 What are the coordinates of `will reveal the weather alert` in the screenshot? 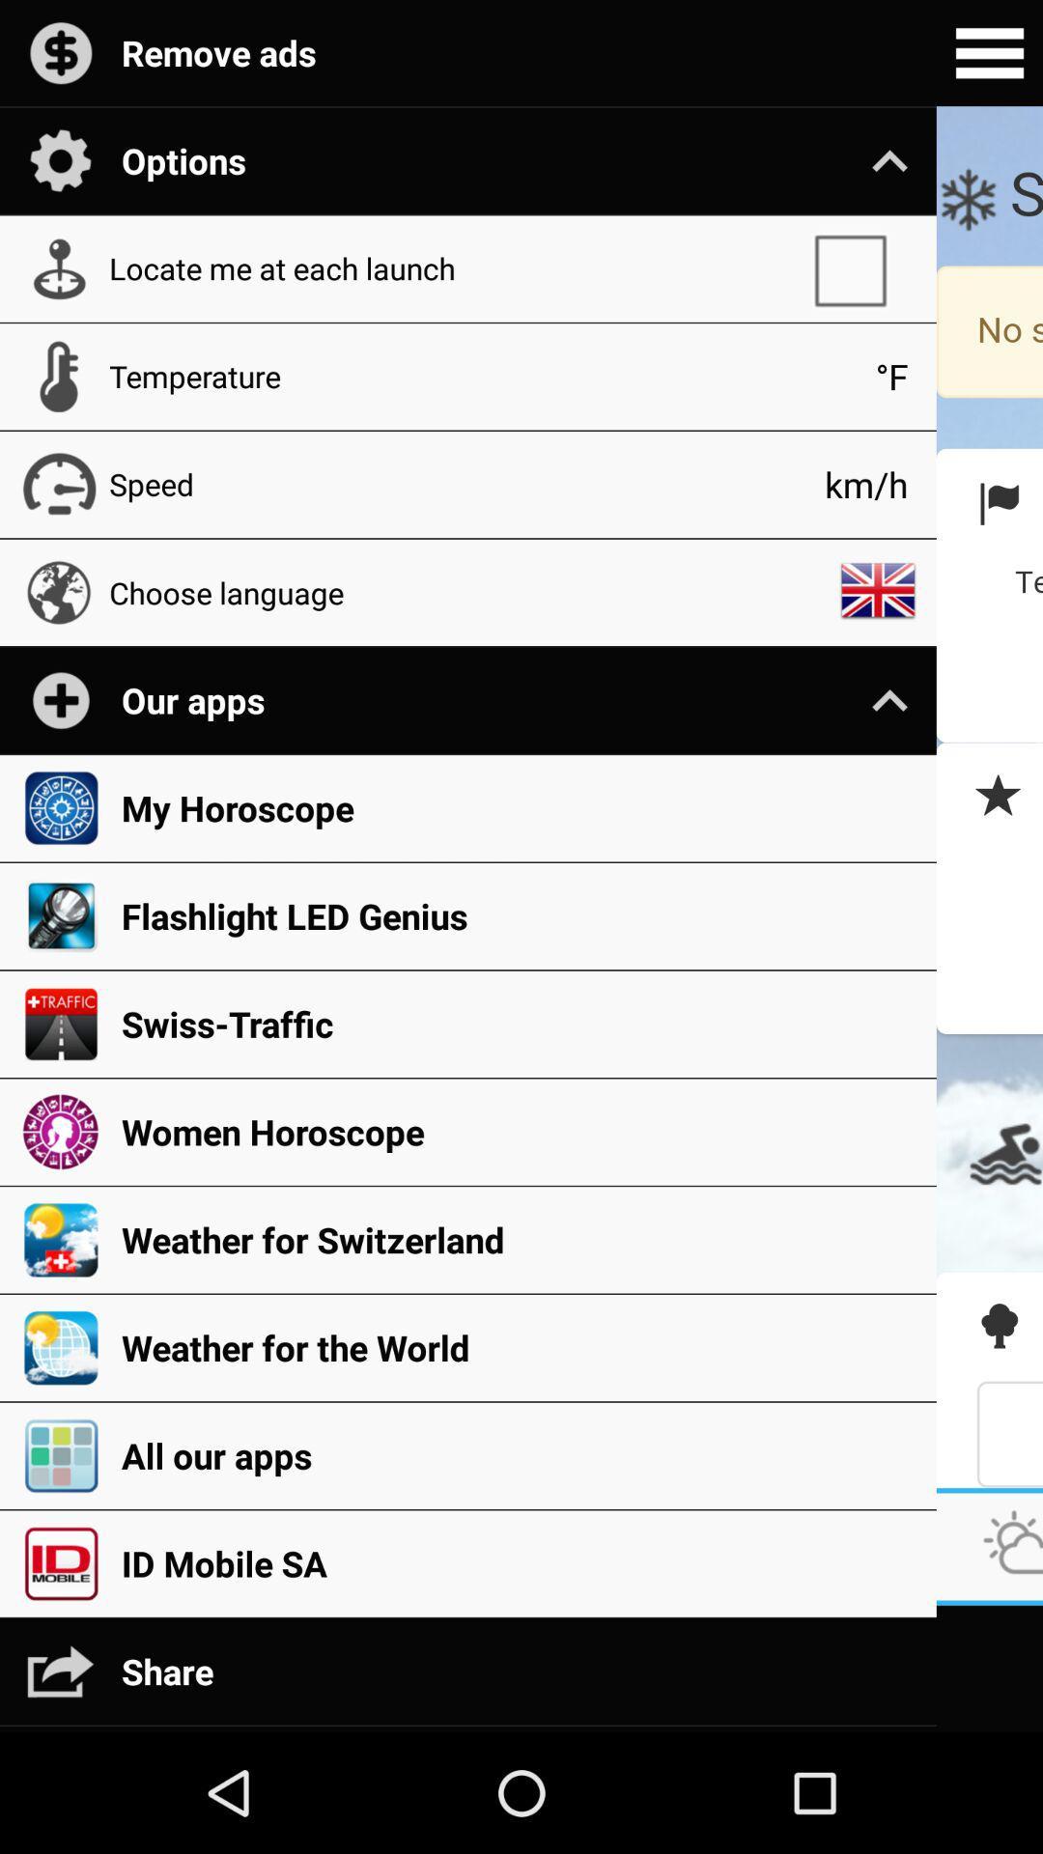 It's located at (989, 797).